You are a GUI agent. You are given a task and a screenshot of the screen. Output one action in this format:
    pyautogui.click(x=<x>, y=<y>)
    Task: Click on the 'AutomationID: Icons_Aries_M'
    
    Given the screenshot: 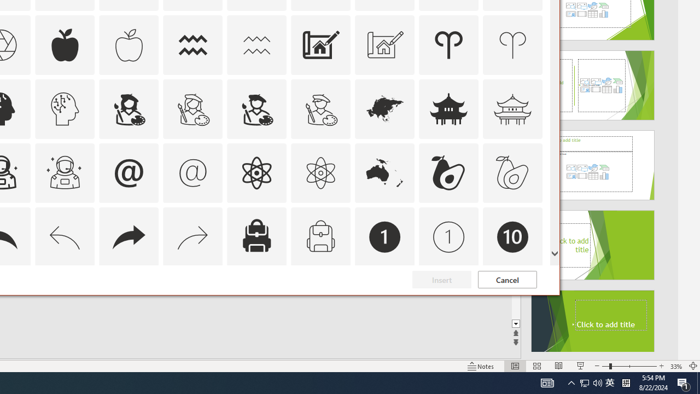 What is the action you would take?
    pyautogui.click(x=512, y=44)
    